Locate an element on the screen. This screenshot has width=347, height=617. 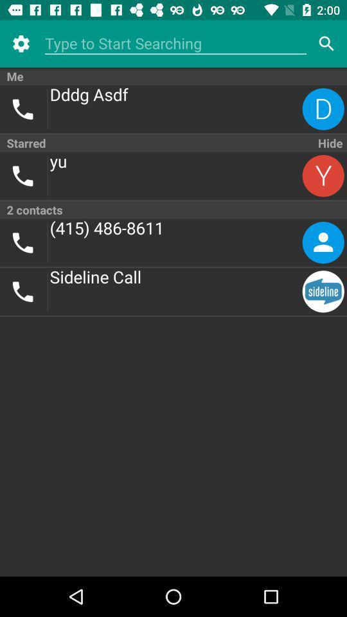
the item to the right of the starred item is located at coordinates (329, 143).